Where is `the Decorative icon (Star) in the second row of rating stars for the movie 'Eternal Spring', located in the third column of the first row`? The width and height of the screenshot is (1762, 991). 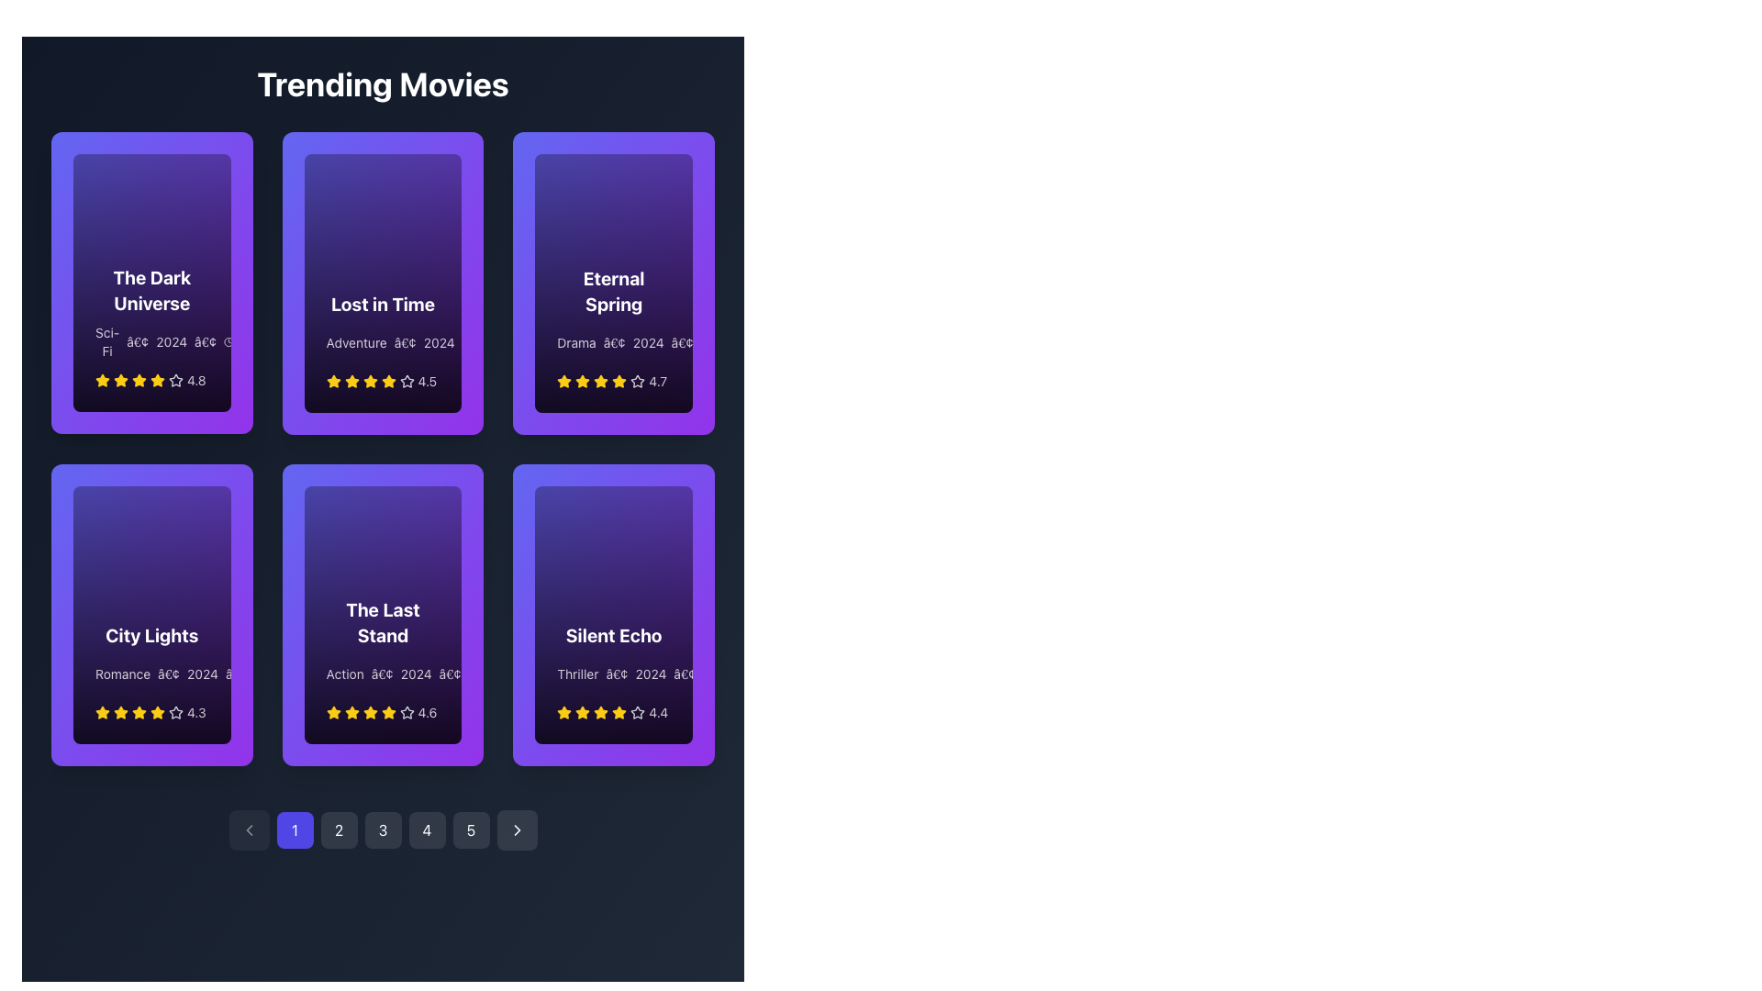 the Decorative icon (Star) in the second row of rating stars for the movie 'Eternal Spring', located in the third column of the first row is located at coordinates (601, 380).